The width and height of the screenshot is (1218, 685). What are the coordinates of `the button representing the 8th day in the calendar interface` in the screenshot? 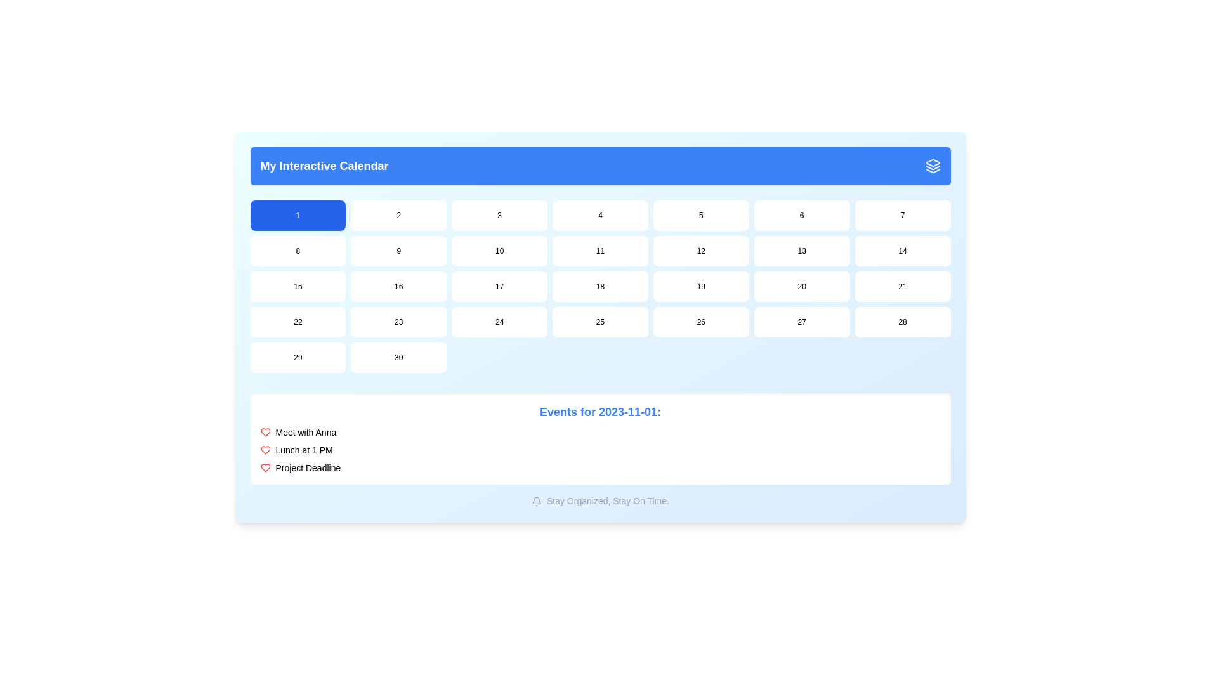 It's located at (297, 251).